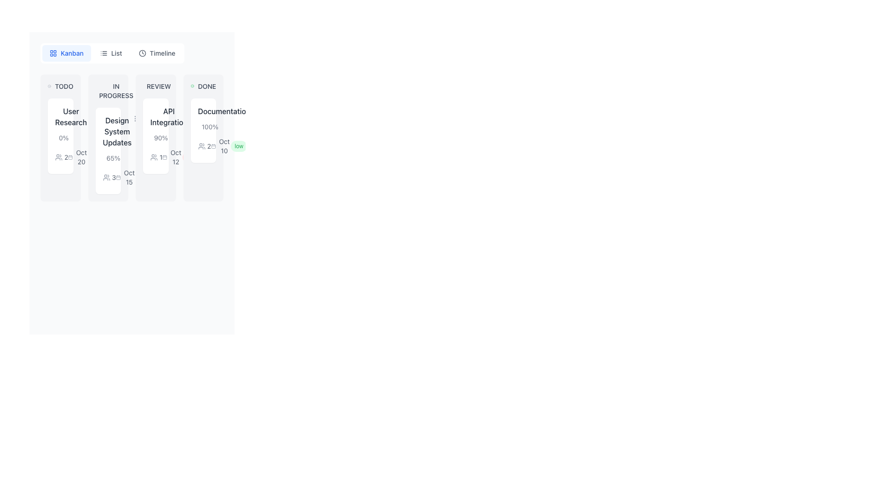  I want to click on the 'Timeline' button, which is the rightmost button in a group of three buttons labeled 'Kanban', 'List', and 'Timeline', so click(157, 53).